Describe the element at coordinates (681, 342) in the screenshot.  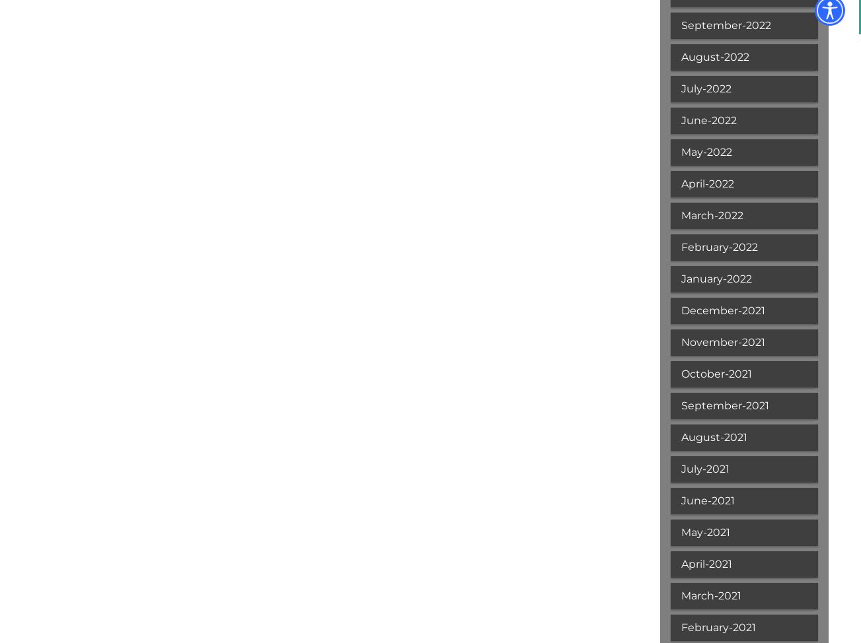
I see `'November-2021'` at that location.